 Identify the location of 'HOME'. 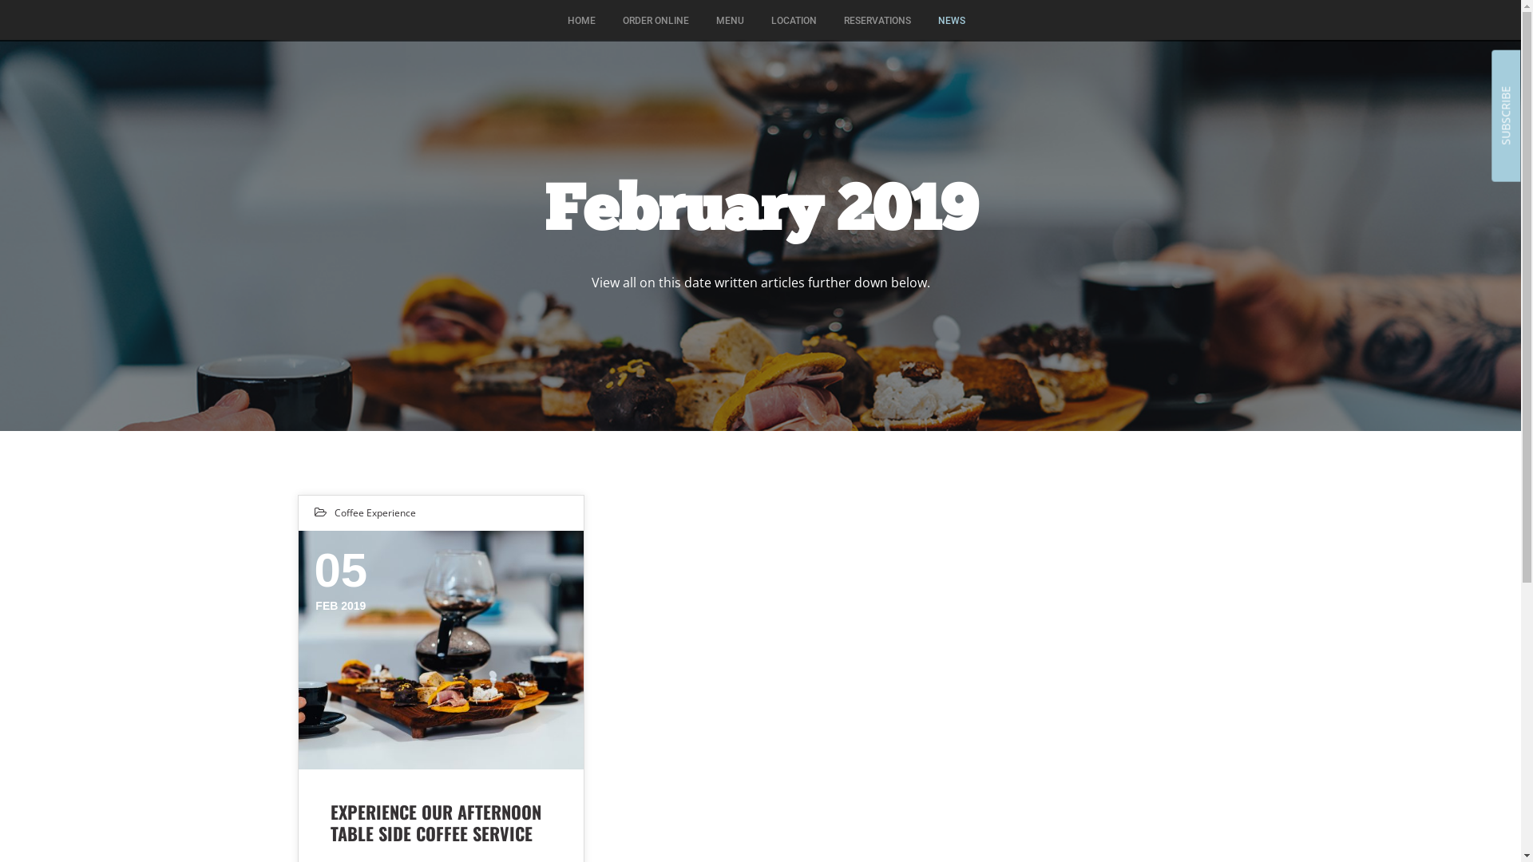
(580, 21).